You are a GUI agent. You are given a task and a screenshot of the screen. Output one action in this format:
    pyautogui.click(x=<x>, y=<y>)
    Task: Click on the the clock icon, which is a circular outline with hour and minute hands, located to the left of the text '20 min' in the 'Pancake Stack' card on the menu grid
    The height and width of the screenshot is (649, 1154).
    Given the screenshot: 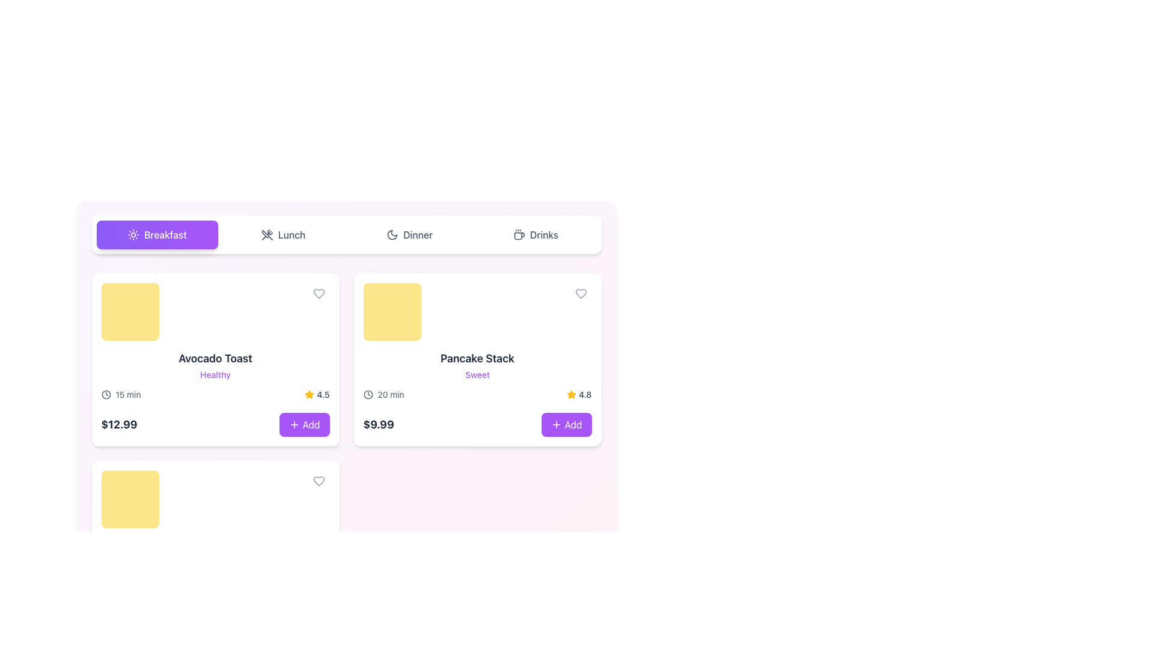 What is the action you would take?
    pyautogui.click(x=367, y=394)
    